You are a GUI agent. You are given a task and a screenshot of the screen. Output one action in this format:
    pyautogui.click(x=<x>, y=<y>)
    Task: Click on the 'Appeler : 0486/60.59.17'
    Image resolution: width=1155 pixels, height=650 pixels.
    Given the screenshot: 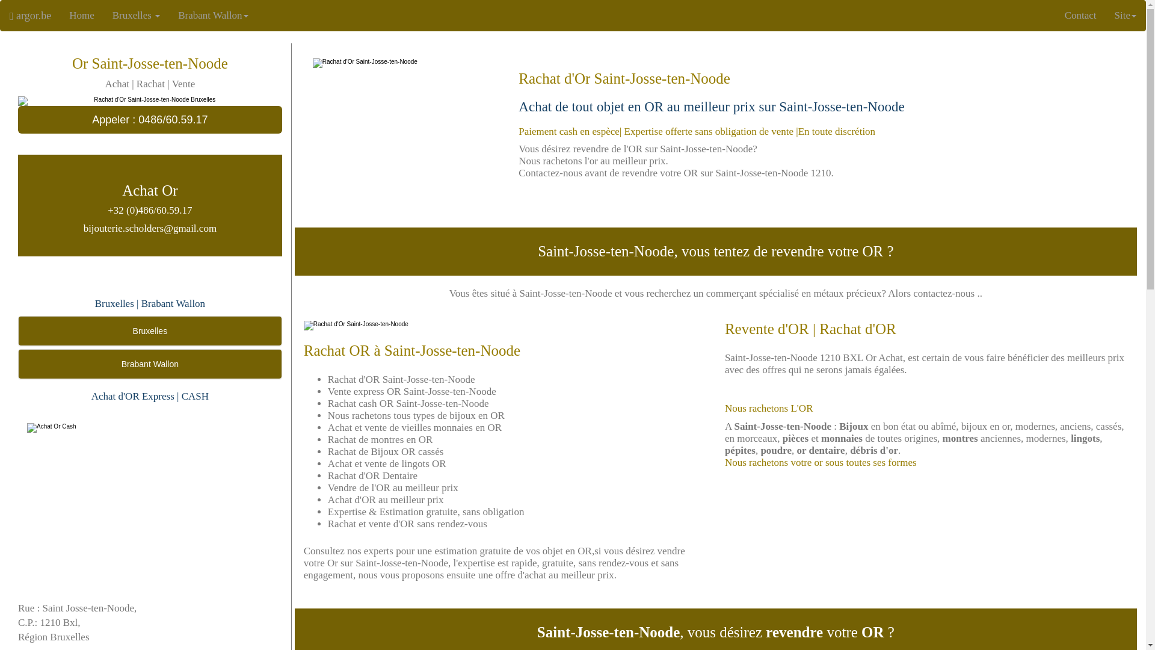 What is the action you would take?
    pyautogui.click(x=149, y=120)
    